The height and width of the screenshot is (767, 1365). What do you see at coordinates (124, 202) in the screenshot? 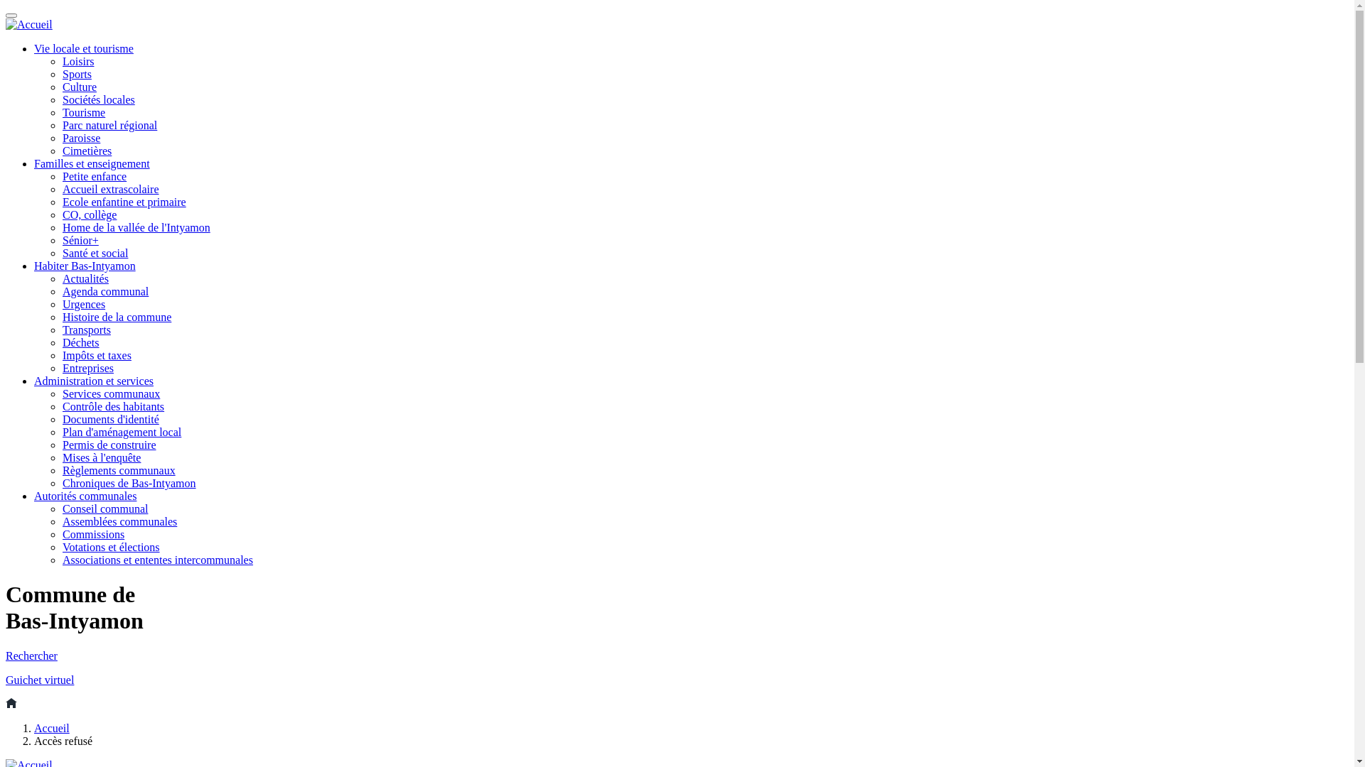
I see `'Ecole enfantine et primaire'` at bounding box center [124, 202].